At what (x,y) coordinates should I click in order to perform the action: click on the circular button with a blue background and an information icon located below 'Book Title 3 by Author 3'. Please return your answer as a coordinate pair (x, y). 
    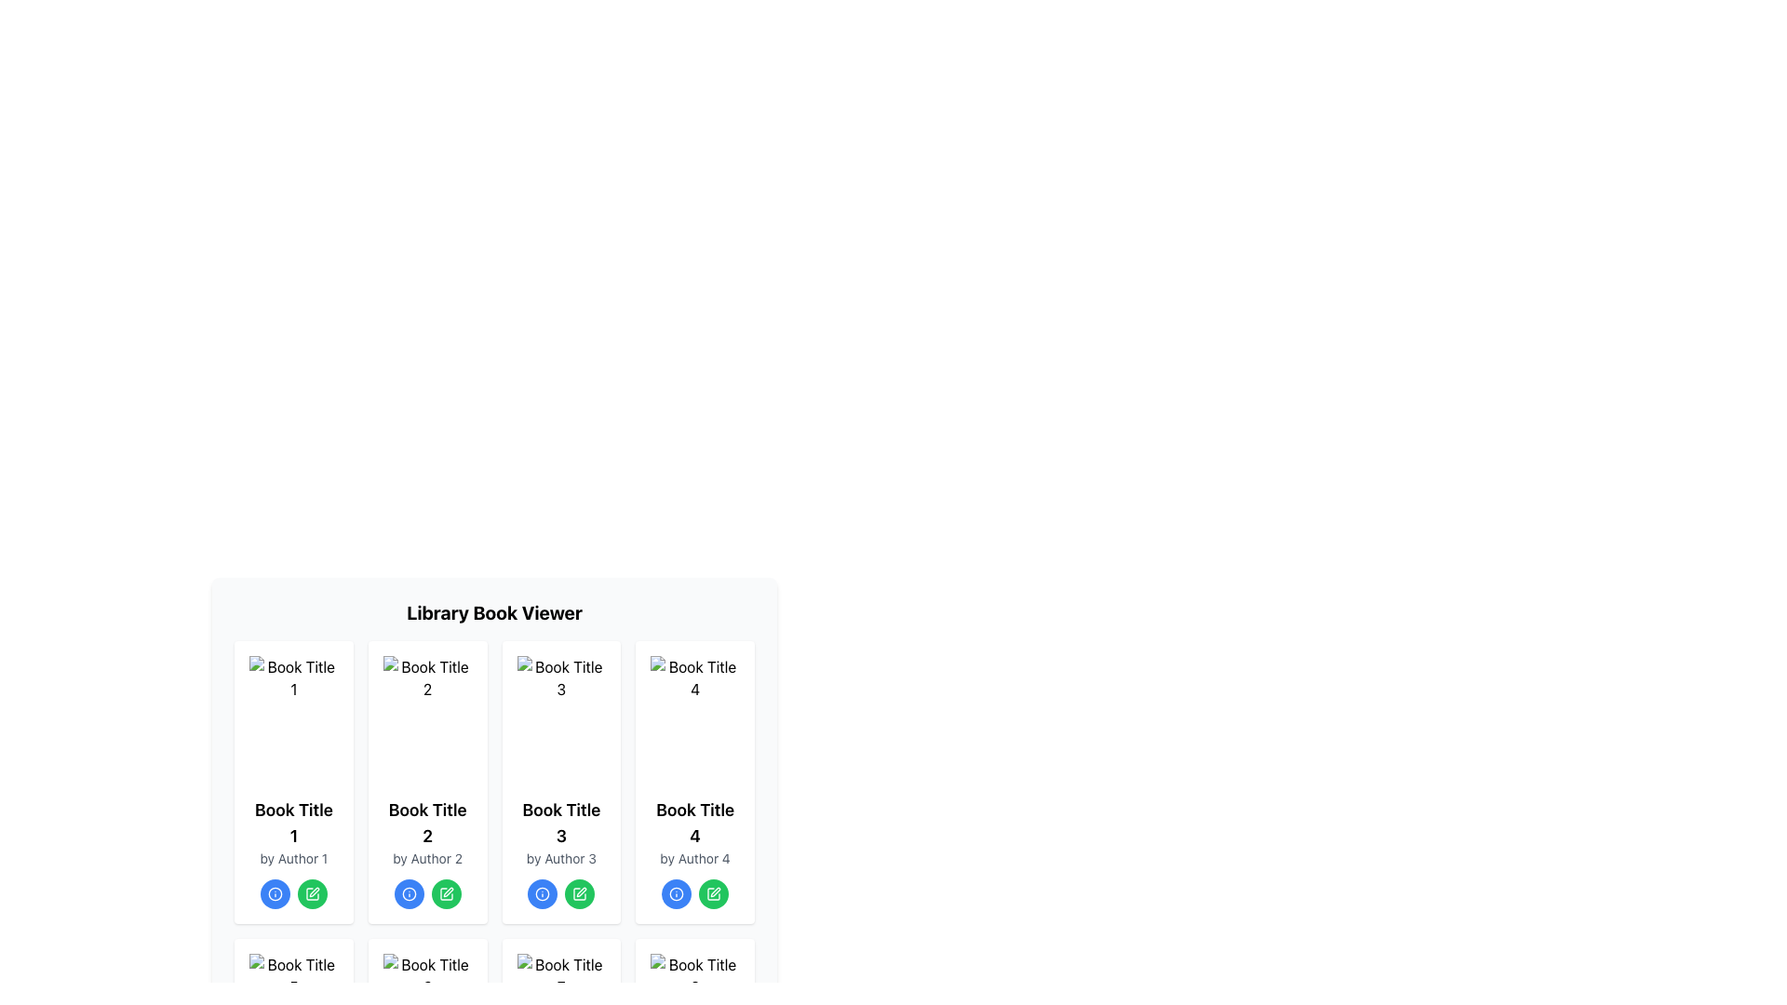
    Looking at the image, I should click on (542, 892).